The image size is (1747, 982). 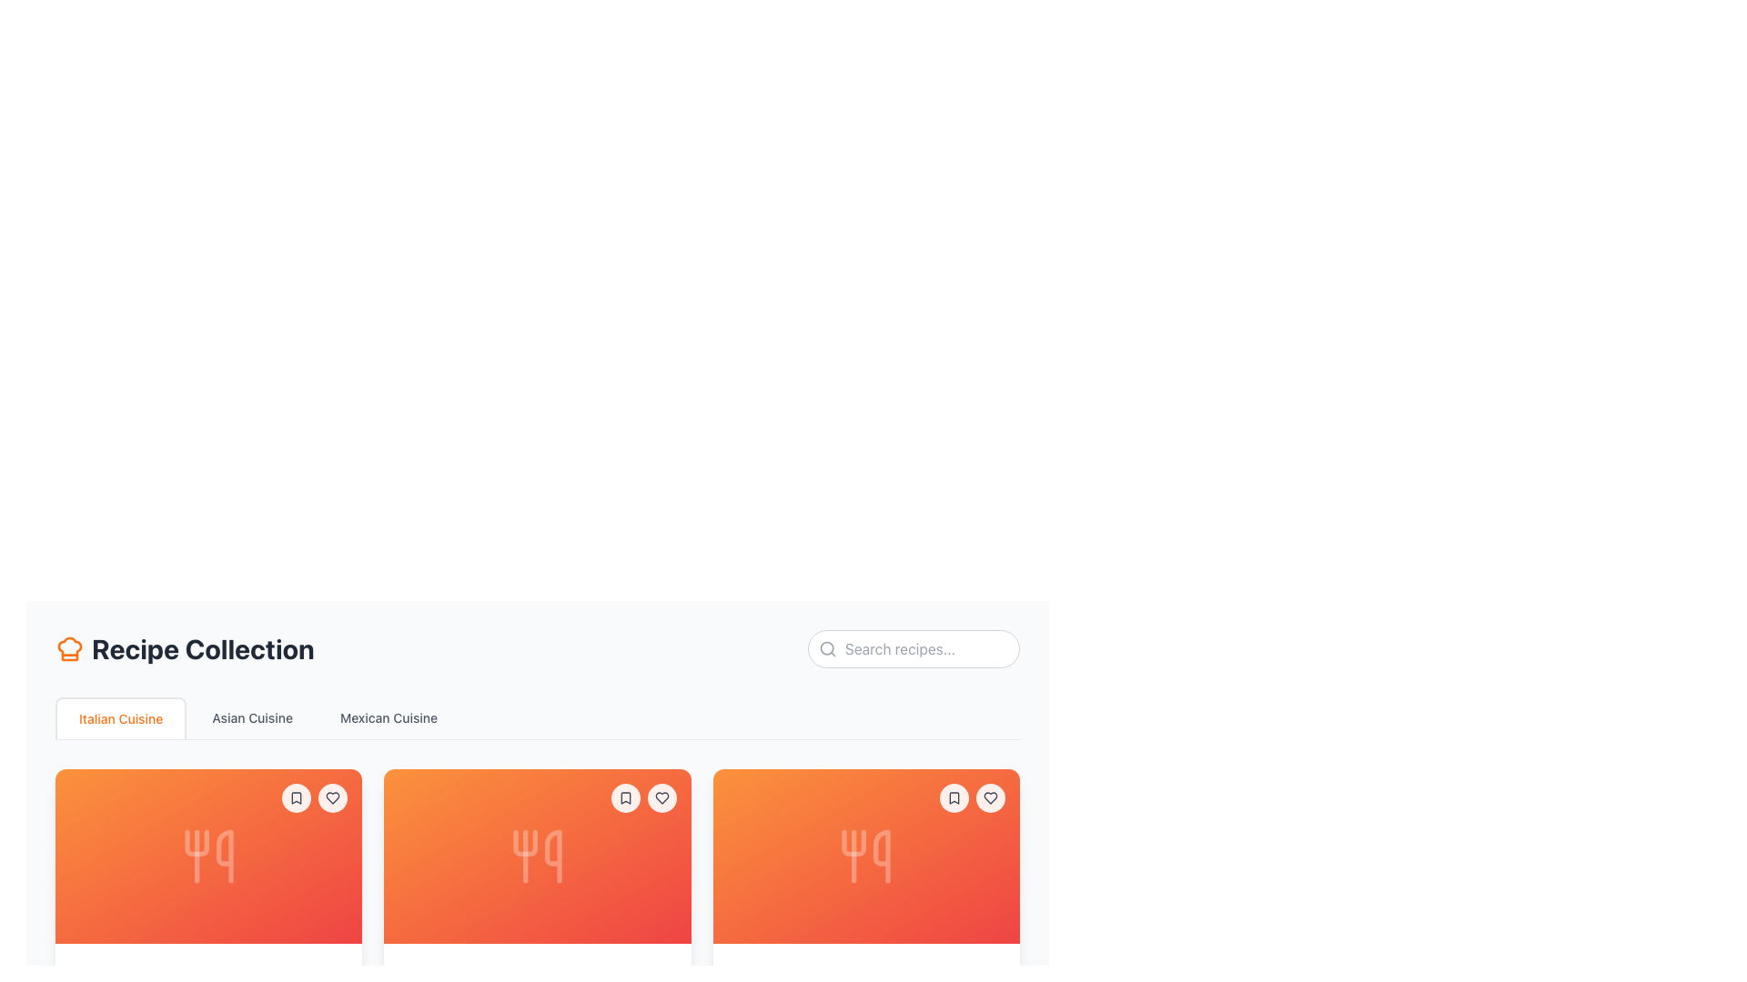 I want to click on the heart icon button in the top-right corner of the orange recipe card to potentially reveal additional options, so click(x=661, y=797).